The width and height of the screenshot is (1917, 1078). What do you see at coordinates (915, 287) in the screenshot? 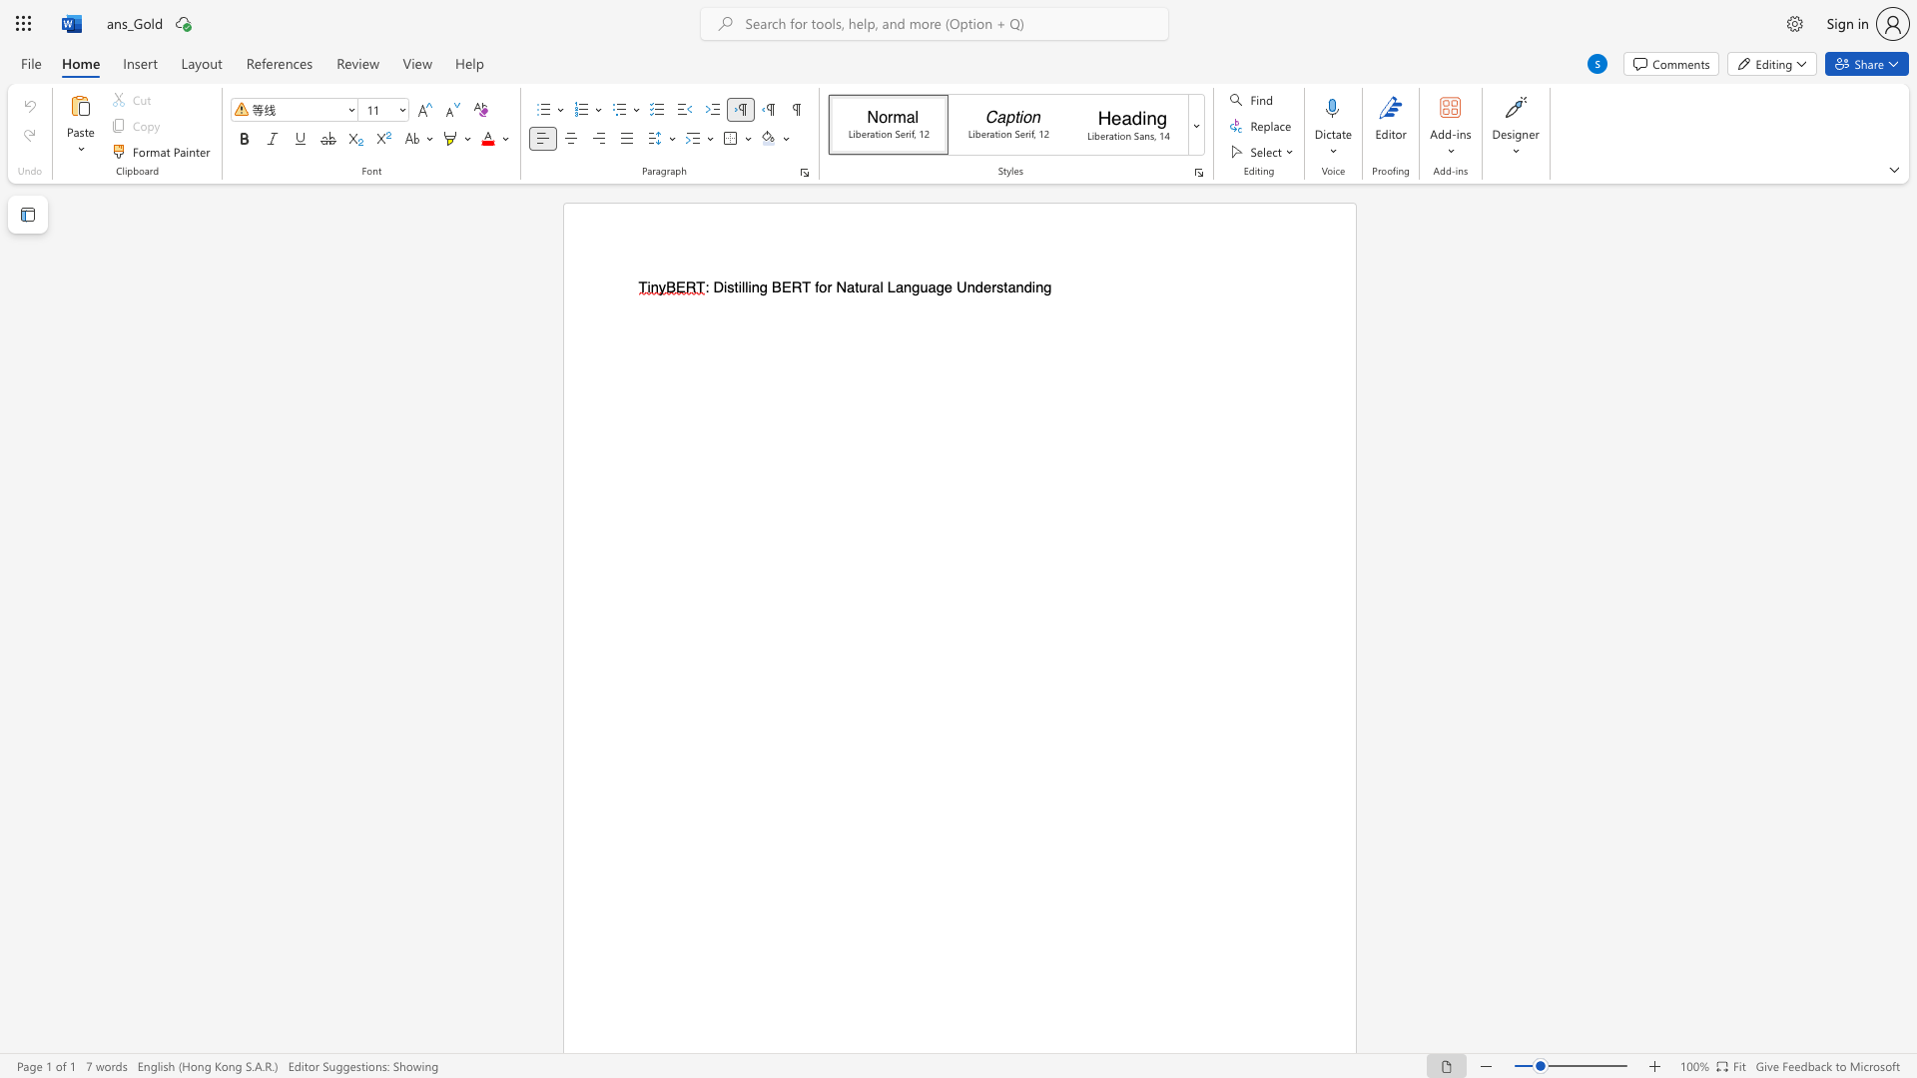
I see `the 2th character "g" in the text` at bounding box center [915, 287].